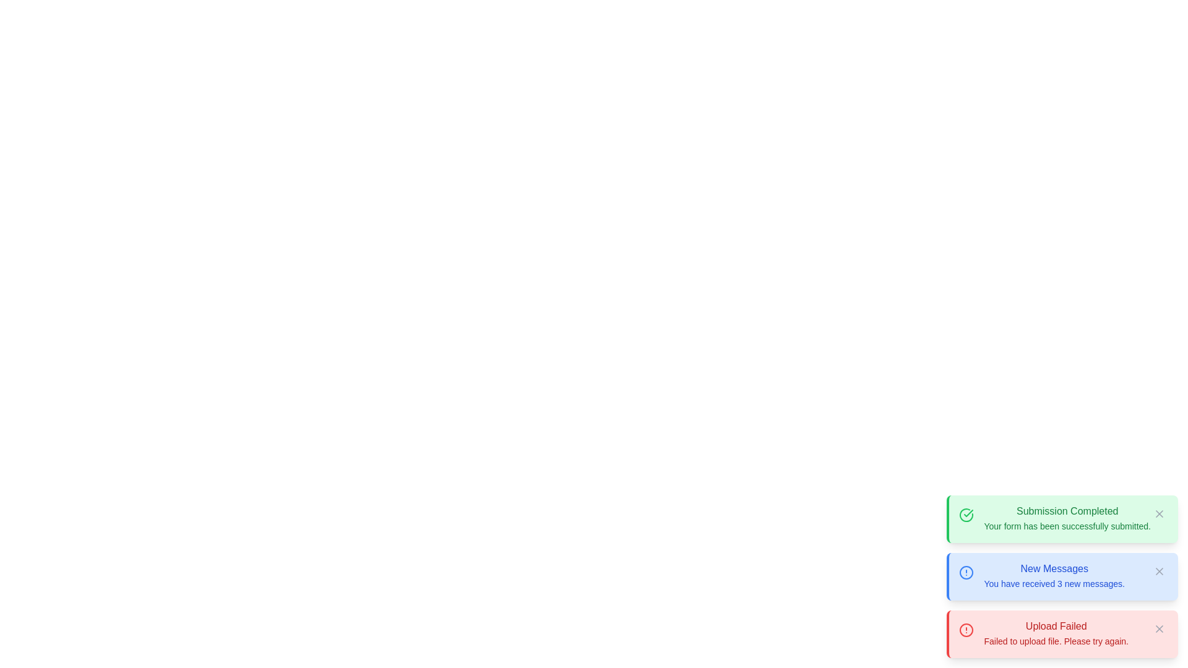  Describe the element at coordinates (1054, 569) in the screenshot. I see `the 'New Messages' text label located at the top of the notification box, which has a light blue background and displays the message indicating new messages` at that location.